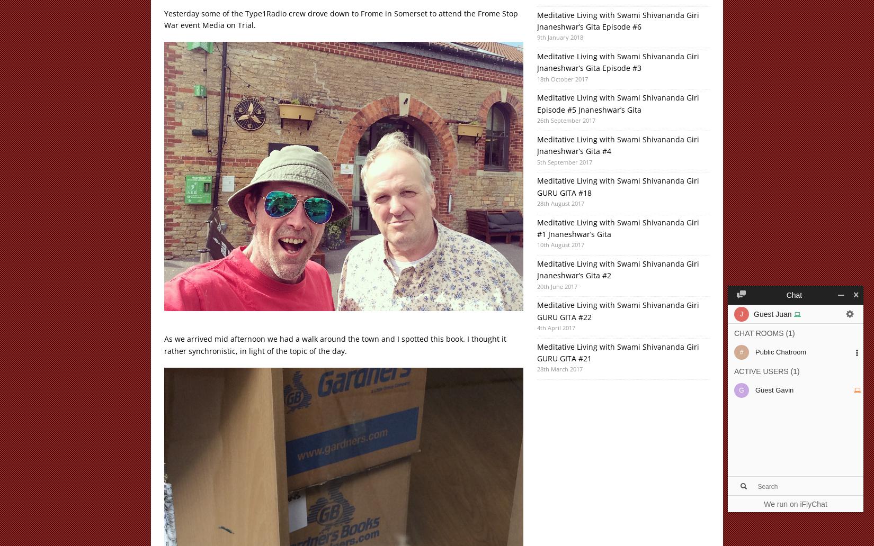  What do you see at coordinates (618, 21) in the screenshot?
I see `'Meditative Living with Swami Shivananda Giri Jnaneshwar’s Gita Episode #6'` at bounding box center [618, 21].